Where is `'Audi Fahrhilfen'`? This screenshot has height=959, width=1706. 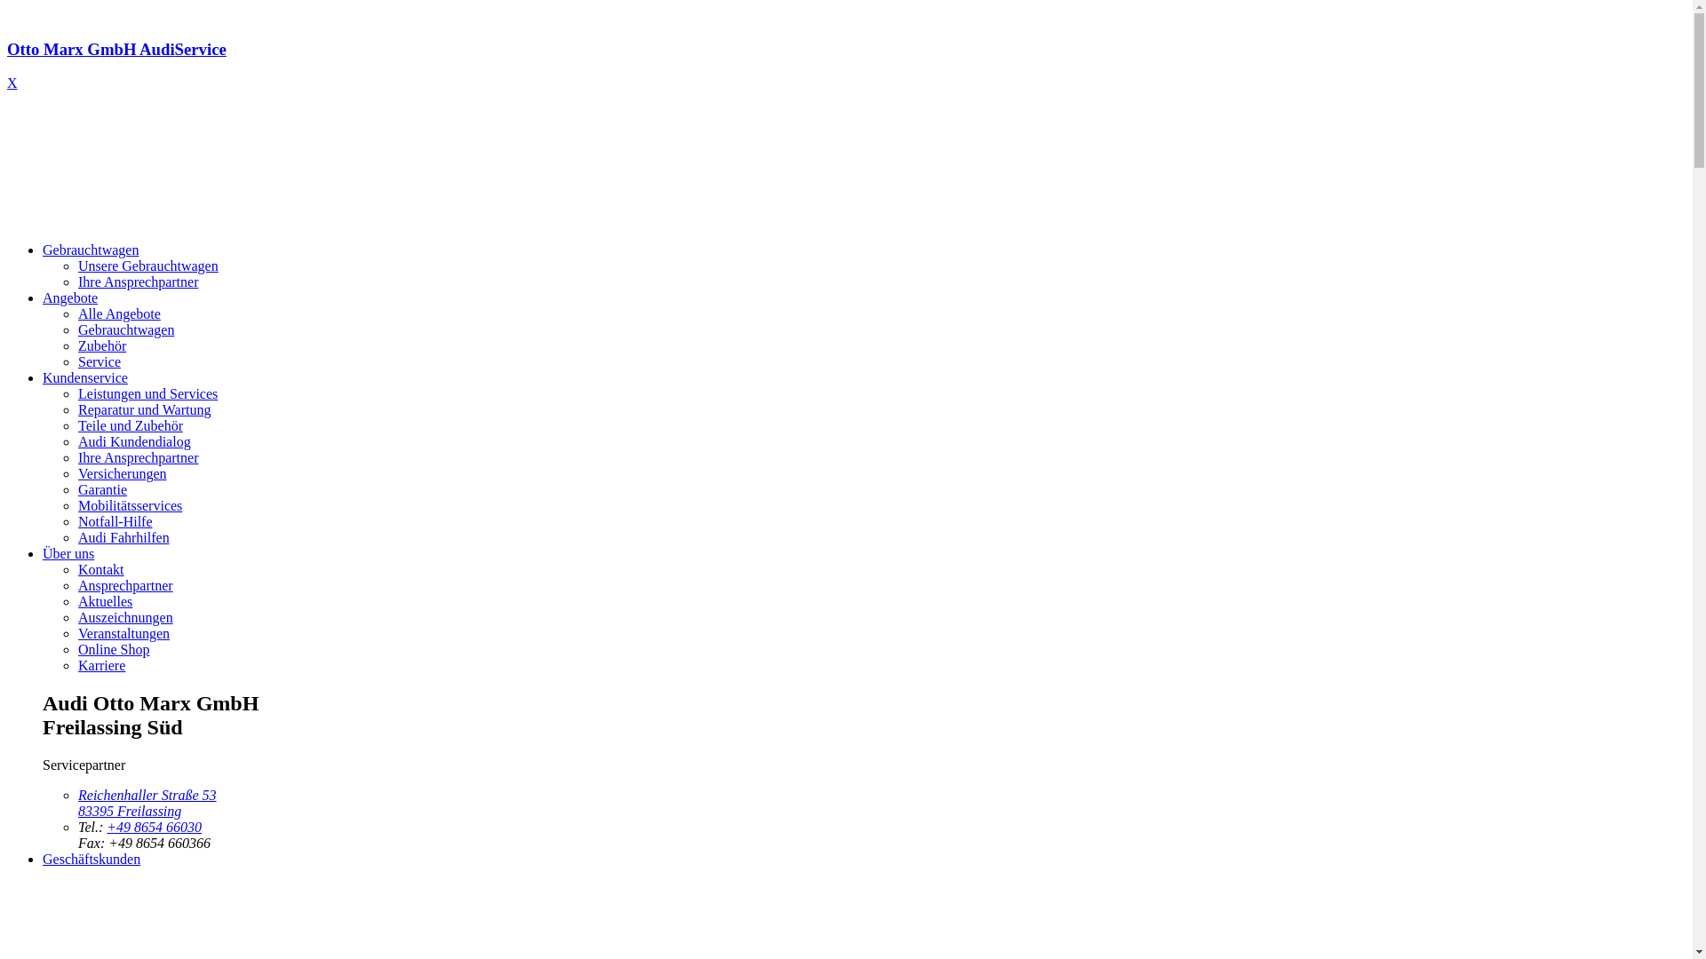
'Audi Fahrhilfen' is located at coordinates (76, 536).